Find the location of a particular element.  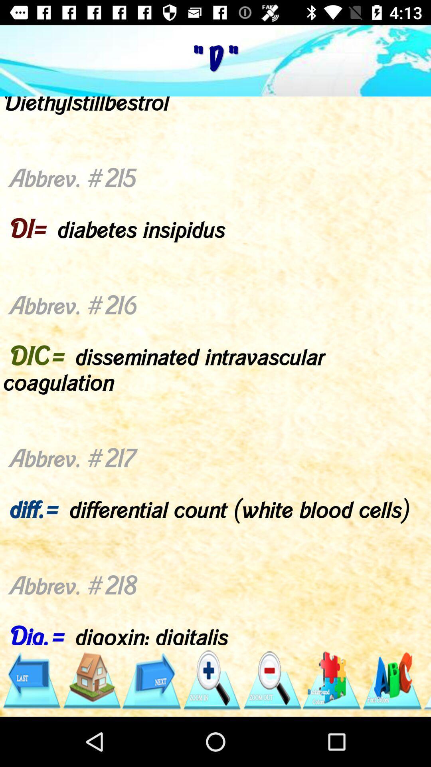

zoom is located at coordinates (211, 680).